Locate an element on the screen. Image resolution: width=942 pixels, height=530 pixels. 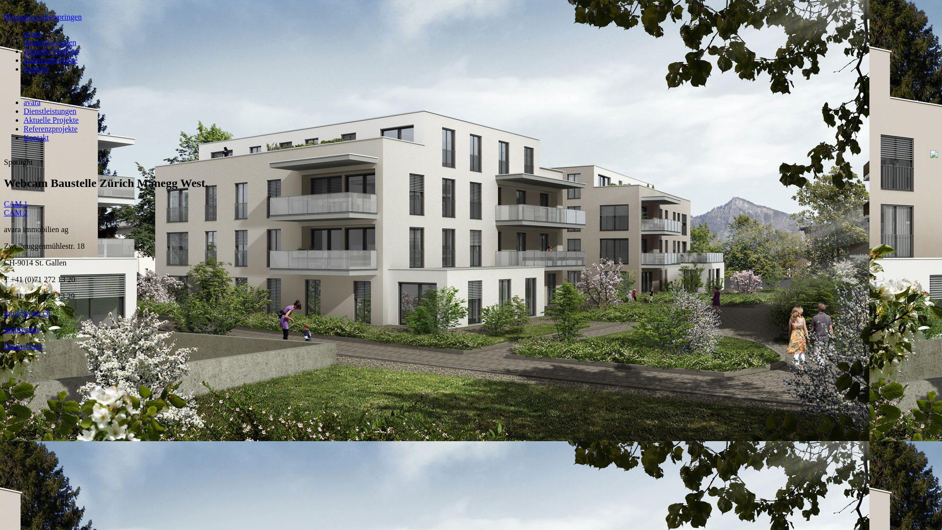
'Dienstleistungen' is located at coordinates (49, 42).